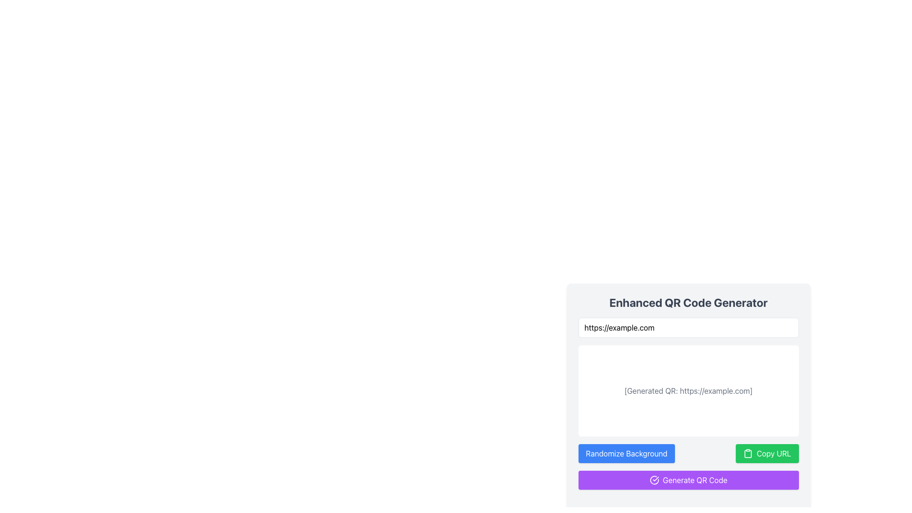  What do you see at coordinates (688, 453) in the screenshot?
I see `the green 'Copy URL' button in the Interactive buttons group located within the 'Enhanced QR Code Generator' interface panel` at bounding box center [688, 453].